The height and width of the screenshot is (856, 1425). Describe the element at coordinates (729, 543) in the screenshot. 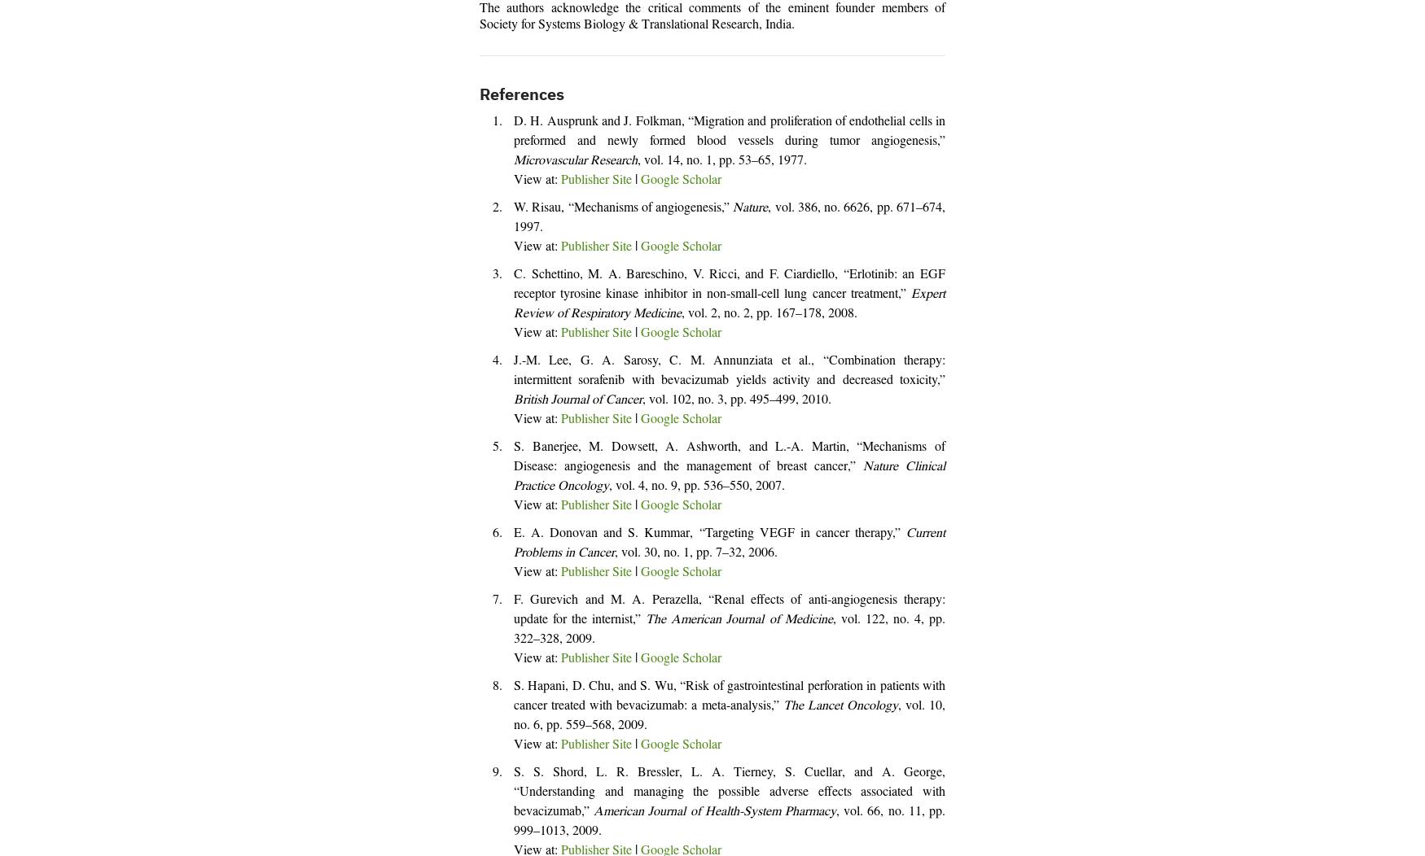

I see `'Current Problems in Cancer'` at that location.